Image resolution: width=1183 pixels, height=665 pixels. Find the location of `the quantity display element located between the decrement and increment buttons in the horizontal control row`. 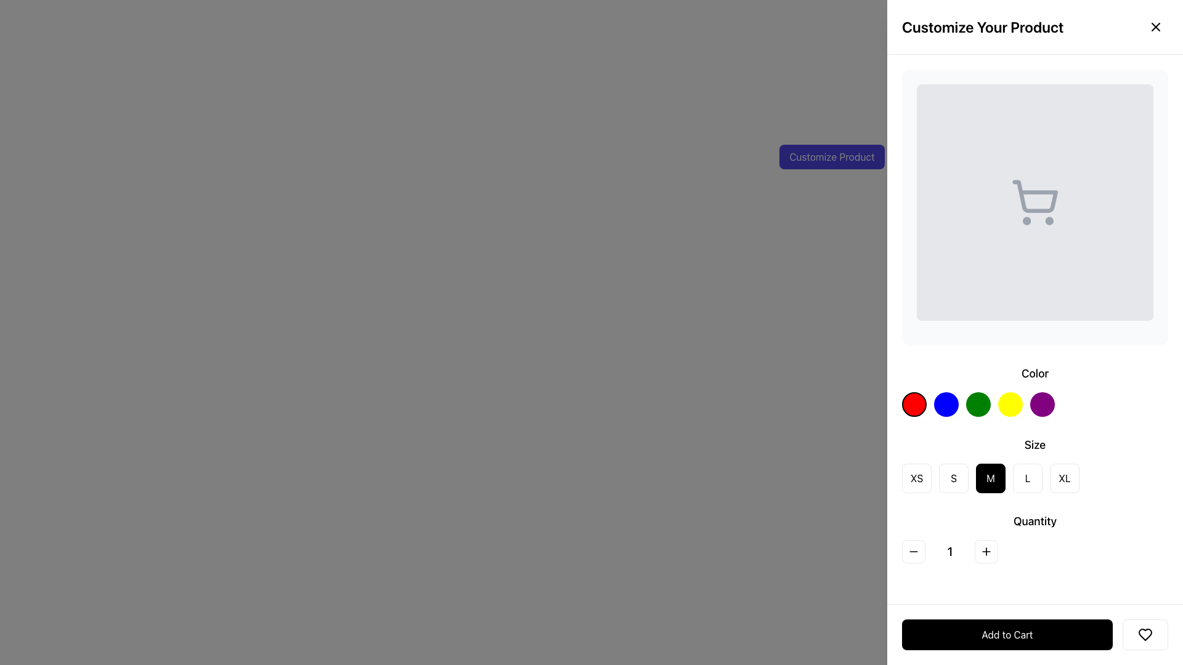

the quantity display element located between the decrement and increment buttons in the horizontal control row is located at coordinates (949, 550).